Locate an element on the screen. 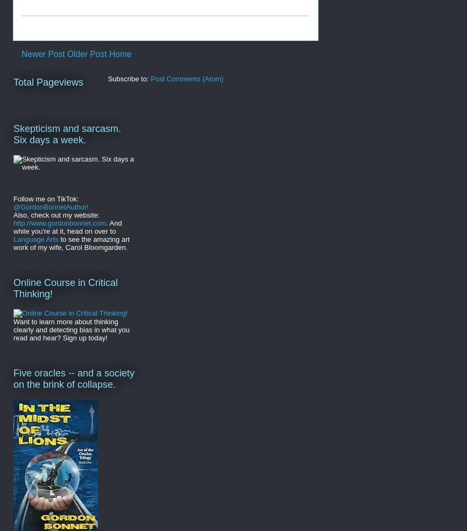 The width and height of the screenshot is (467, 531). 'http://www.gordonbonnet.com' is located at coordinates (60, 223).